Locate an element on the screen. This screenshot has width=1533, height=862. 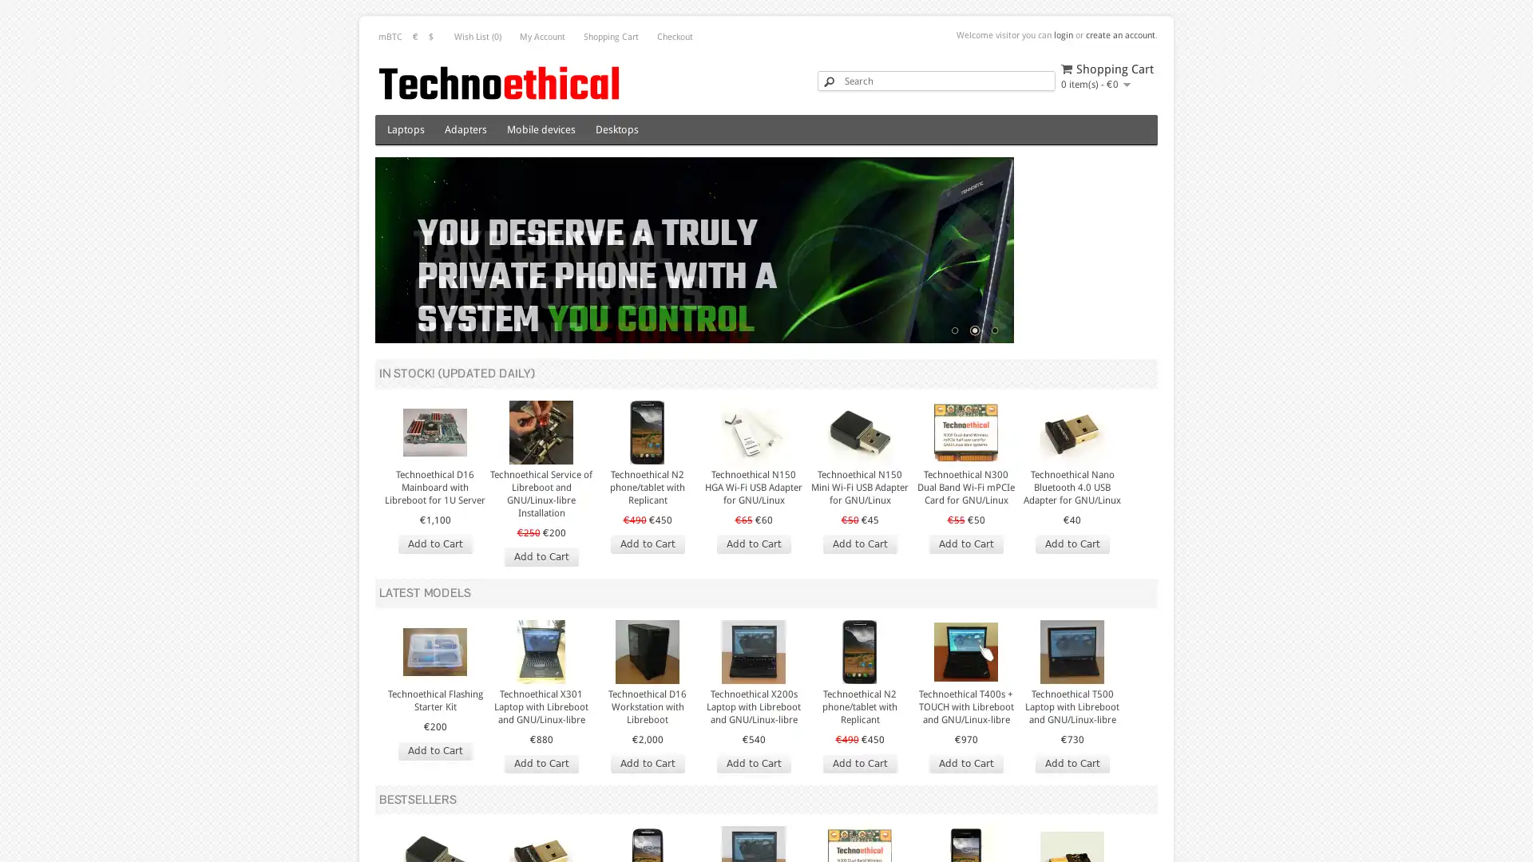
Add to Cart is located at coordinates (965, 597).